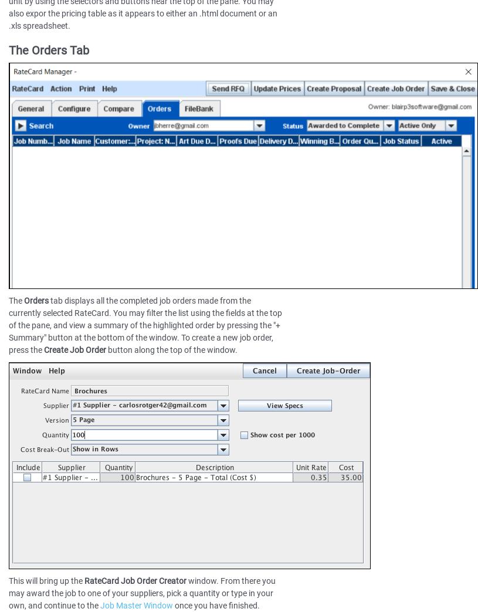 The height and width of the screenshot is (612, 478). What do you see at coordinates (36, 301) in the screenshot?
I see `'Orders'` at bounding box center [36, 301].